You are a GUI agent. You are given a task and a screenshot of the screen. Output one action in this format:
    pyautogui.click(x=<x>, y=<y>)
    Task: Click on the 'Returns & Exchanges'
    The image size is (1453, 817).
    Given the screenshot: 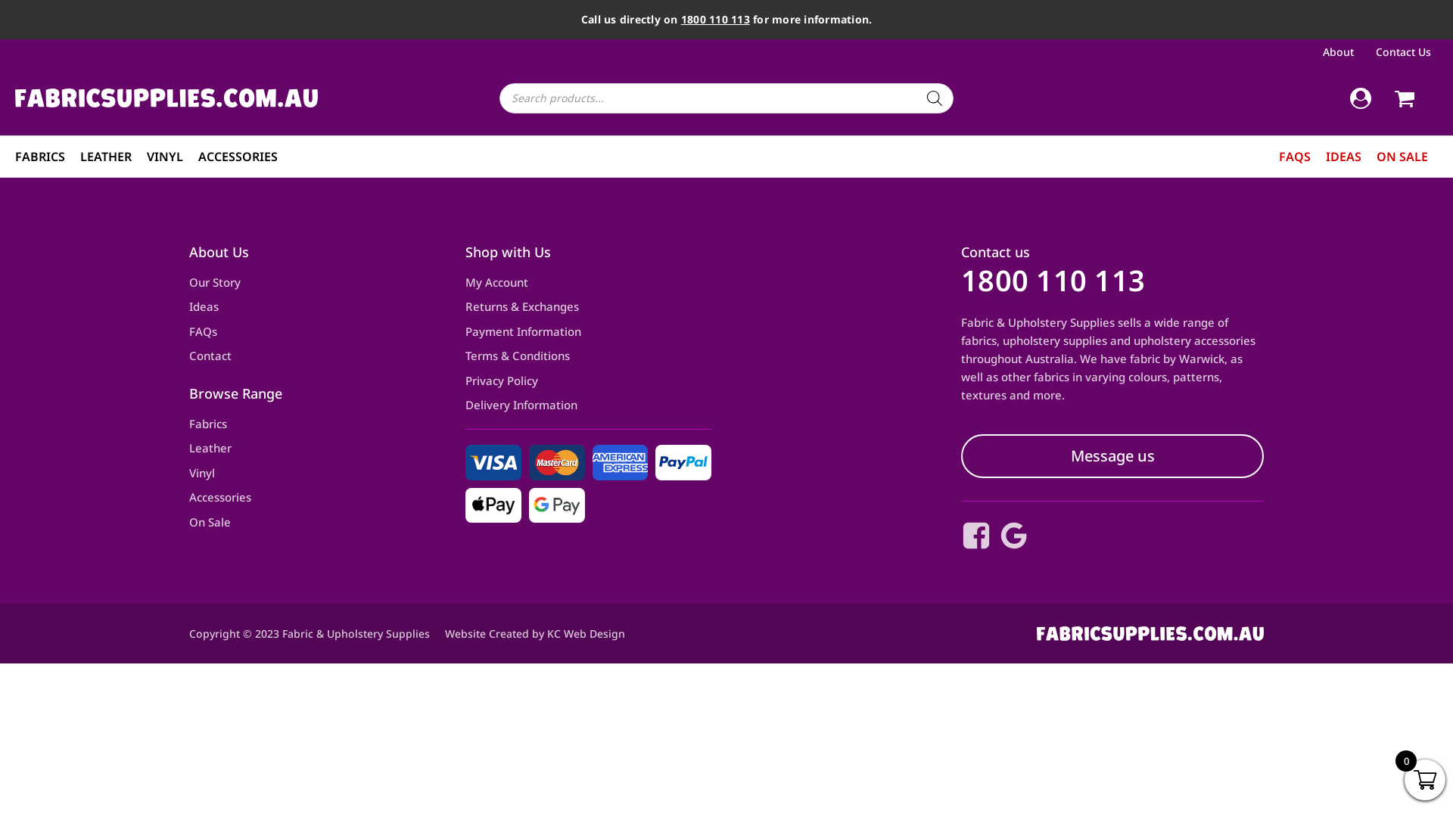 What is the action you would take?
    pyautogui.click(x=464, y=306)
    